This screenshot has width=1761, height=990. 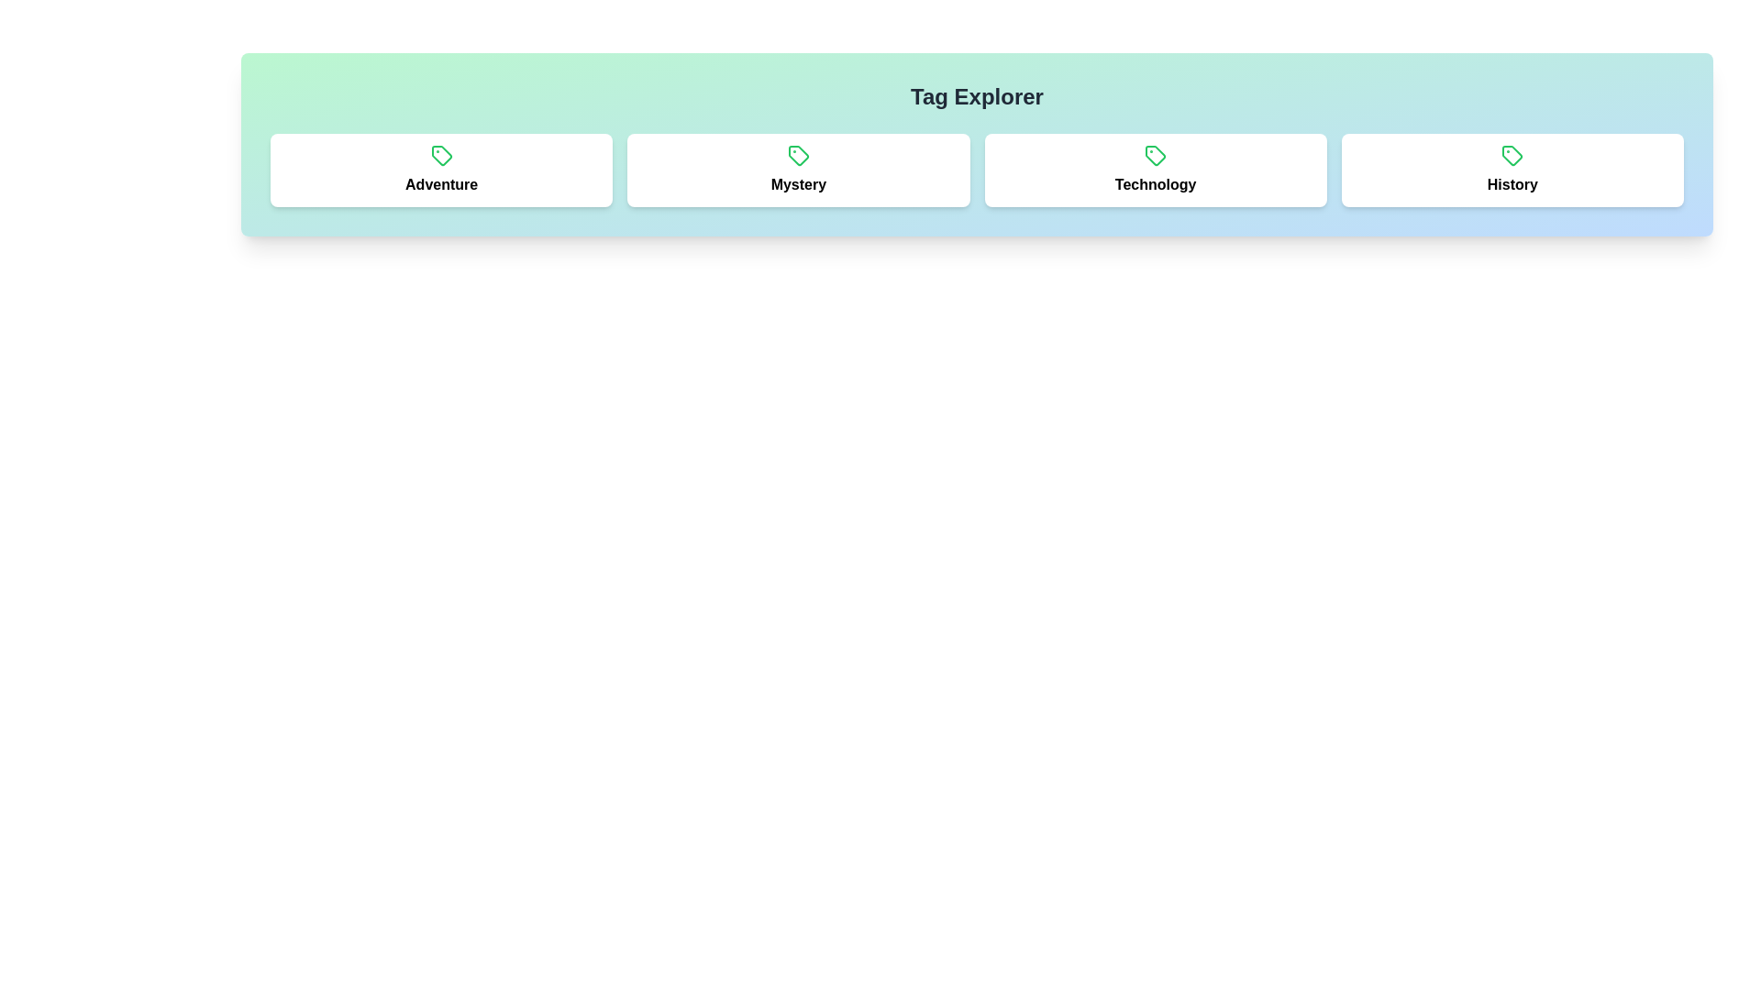 I want to click on the Button-like card for the 'History' category located in the fourth column of the grid, adjacent to the 'Technology' card, so click(x=1512, y=170).